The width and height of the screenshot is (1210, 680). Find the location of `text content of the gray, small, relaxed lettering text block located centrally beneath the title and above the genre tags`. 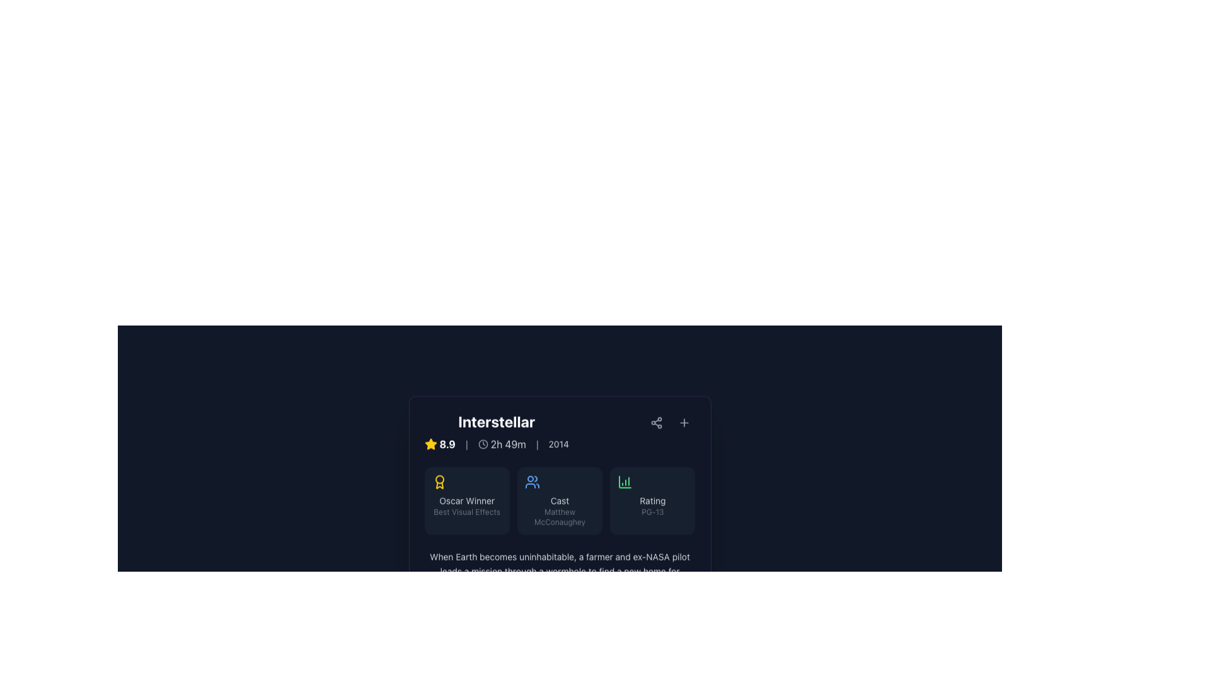

text content of the gray, small, relaxed lettering text block located centrally beneath the title and above the genre tags is located at coordinates (559, 571).